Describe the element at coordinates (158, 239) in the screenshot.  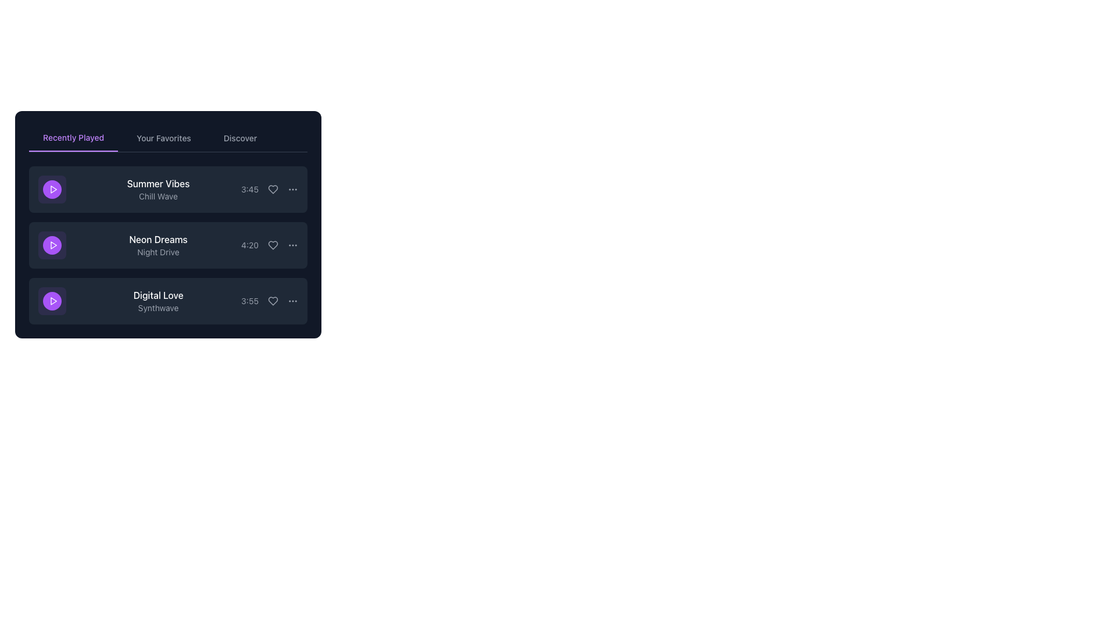
I see `the text label reading 'Neon Dreams', which is styled in white and positioned centrally above 'Night Drive' in a dark background` at that location.